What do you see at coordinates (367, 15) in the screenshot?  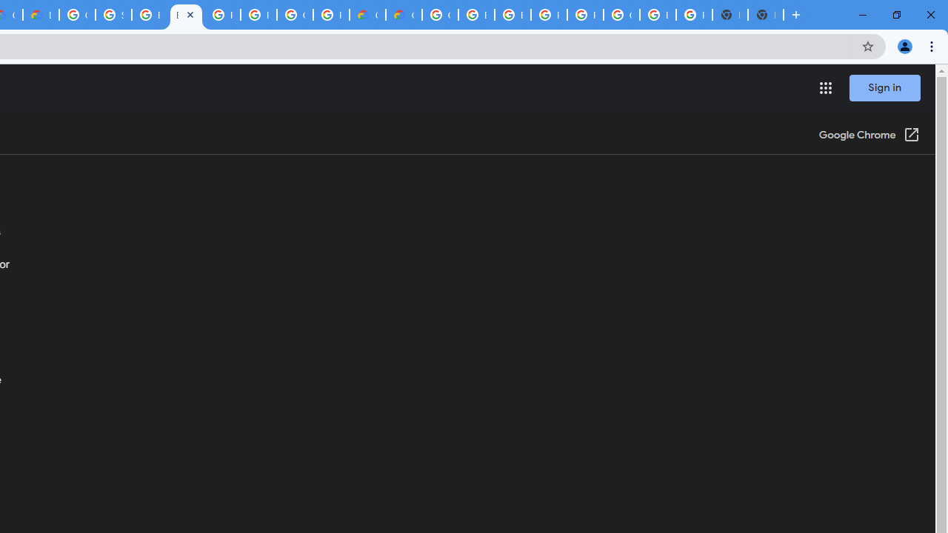 I see `'Customer Care | Google Cloud'` at bounding box center [367, 15].